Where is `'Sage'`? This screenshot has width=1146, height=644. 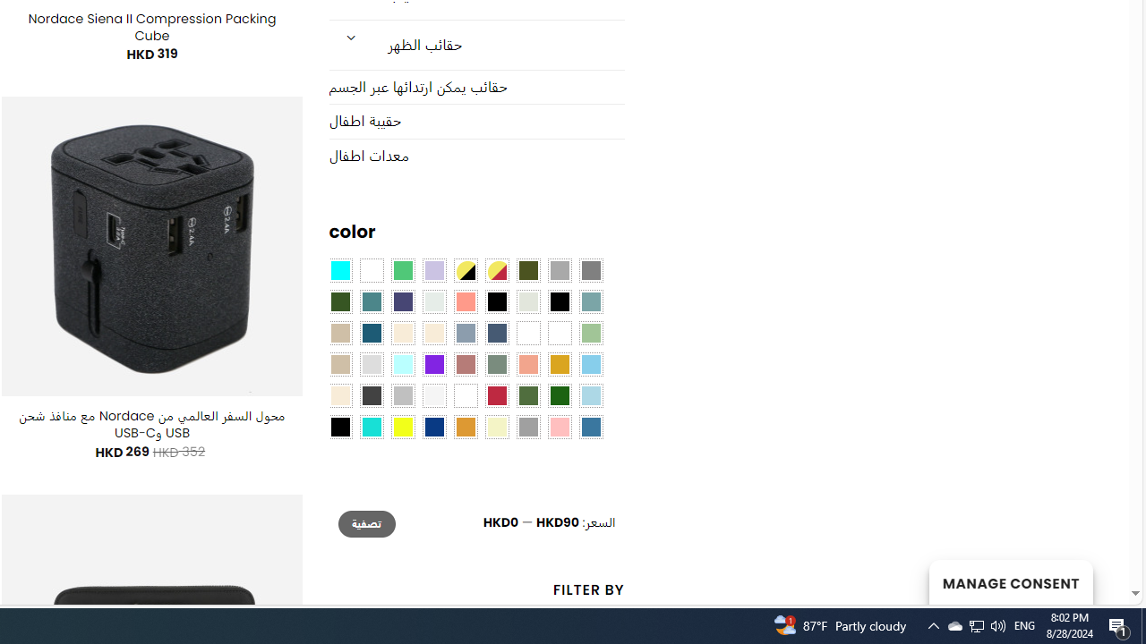 'Sage' is located at coordinates (496, 364).